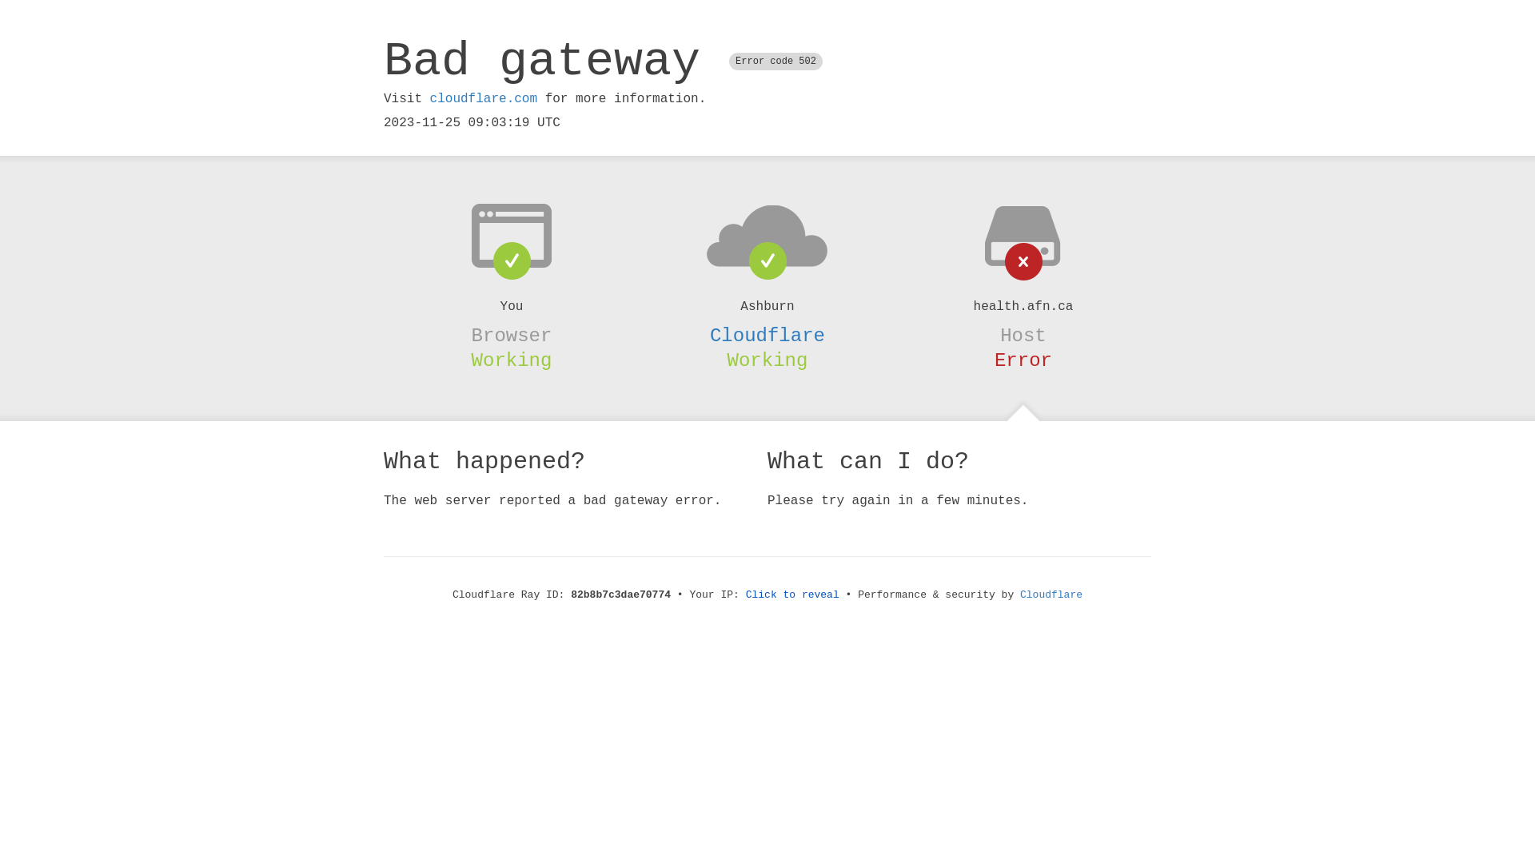  I want to click on 'Click to reveal', so click(792, 595).